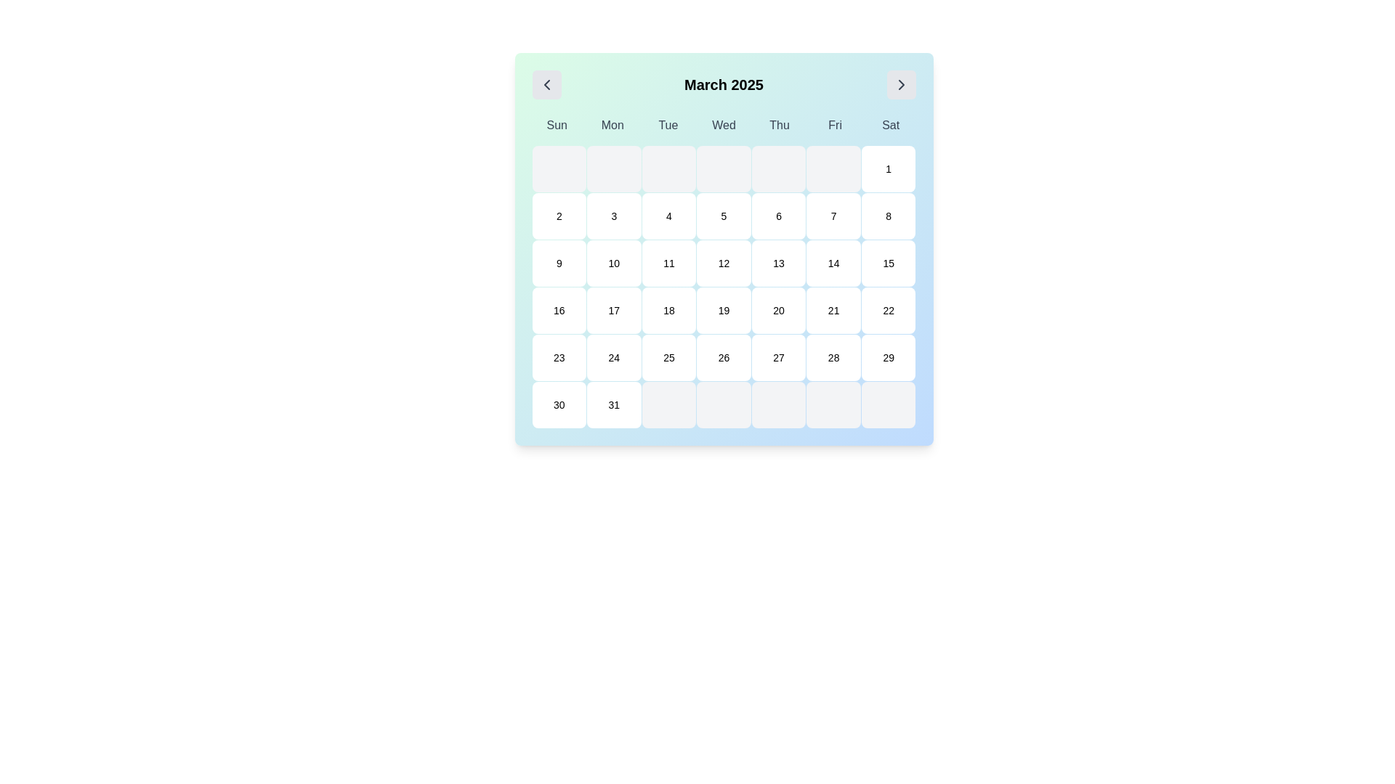  What do you see at coordinates (614, 263) in the screenshot?
I see `the square button with a white background and rounded corners that displays the text '10' in black, located in the second column of the second row of the calendar grid` at bounding box center [614, 263].